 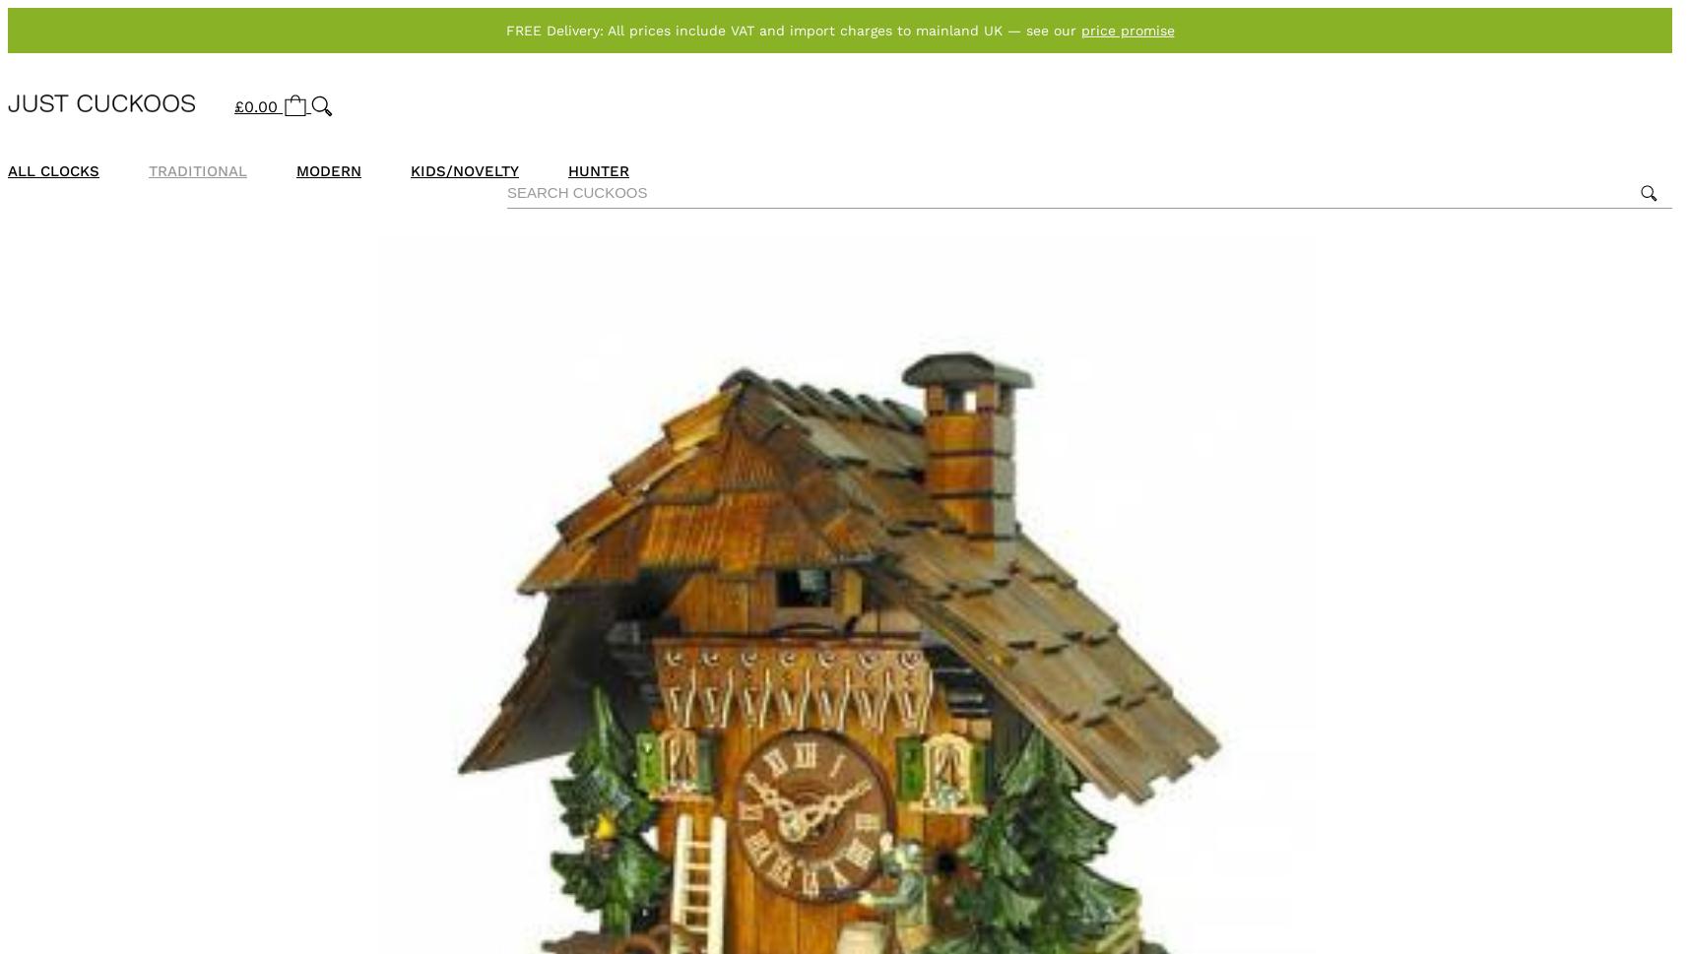 I want to click on 'All', so click(x=23, y=170).